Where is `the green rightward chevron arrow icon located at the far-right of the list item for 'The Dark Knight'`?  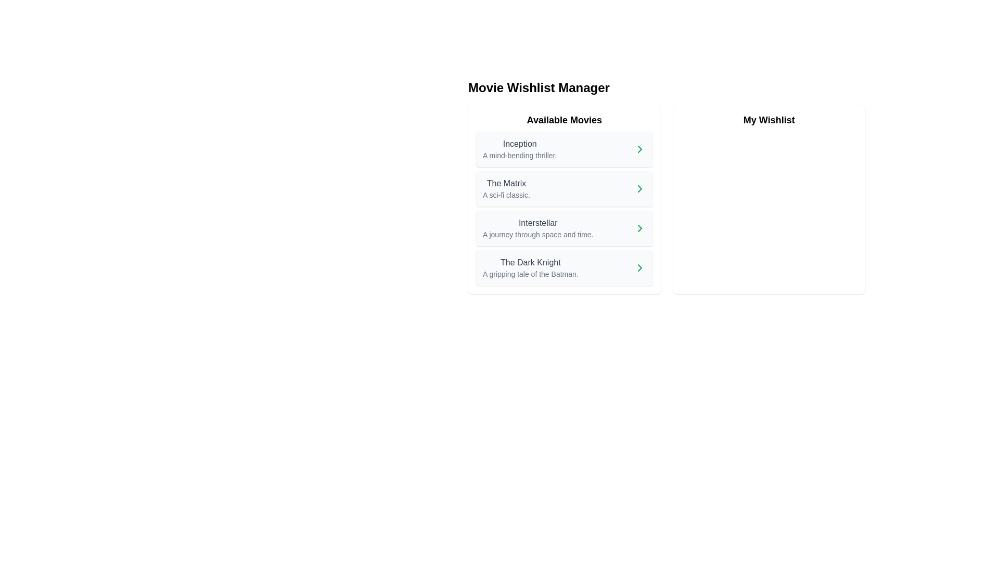 the green rightward chevron arrow icon located at the far-right of the list item for 'The Dark Knight' is located at coordinates (639, 267).